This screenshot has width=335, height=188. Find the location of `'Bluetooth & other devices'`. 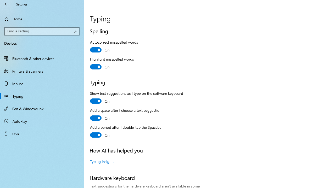

'Bluetooth & other devices' is located at coordinates (42, 58).